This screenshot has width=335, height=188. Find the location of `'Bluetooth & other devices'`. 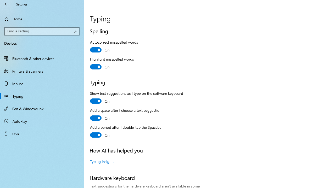

'Bluetooth & other devices' is located at coordinates (42, 58).